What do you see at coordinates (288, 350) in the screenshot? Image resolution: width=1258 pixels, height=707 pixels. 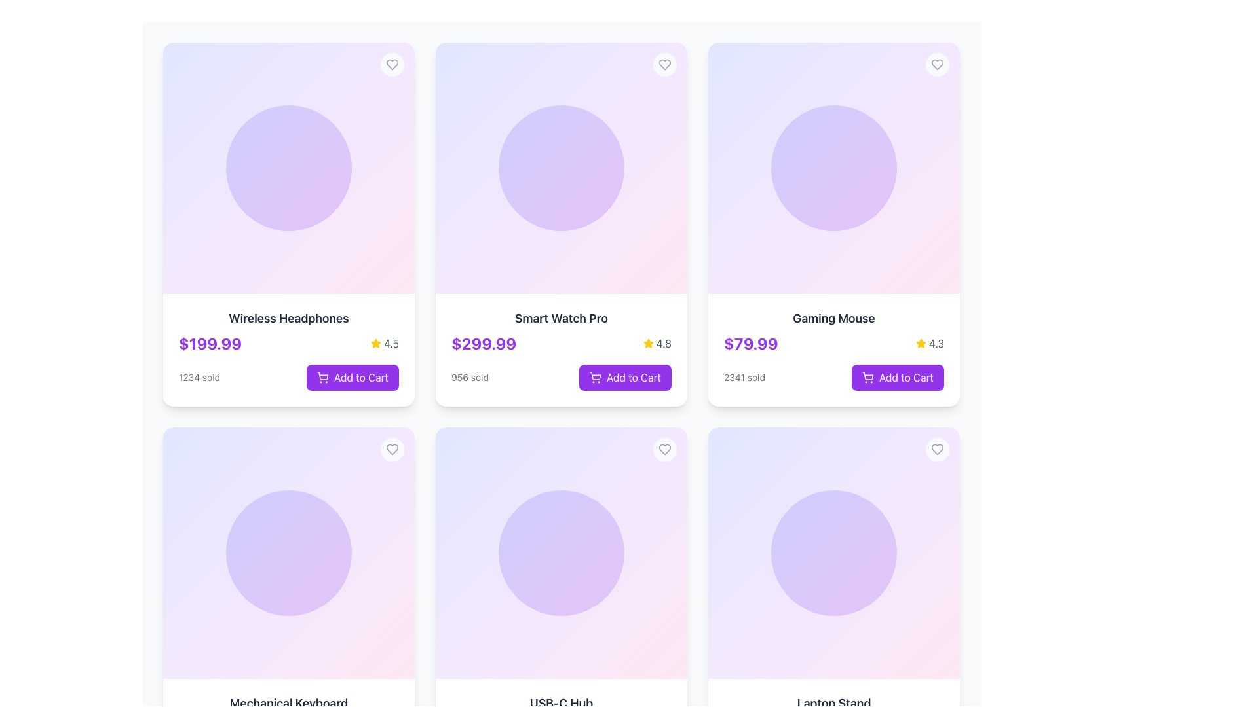 I see `product details from the Product Card titled 'Wireless Headphones' located in the top left of the grid layout, which includes the price, rating, and sales information` at bounding box center [288, 350].